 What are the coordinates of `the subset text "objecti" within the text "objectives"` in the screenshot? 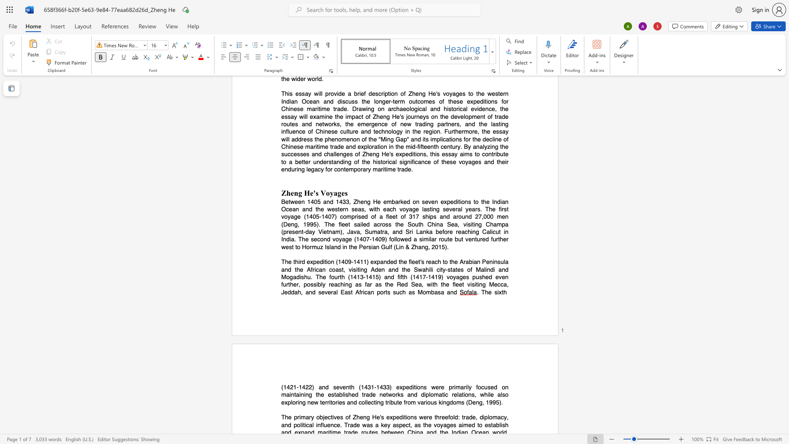 It's located at (316, 417).